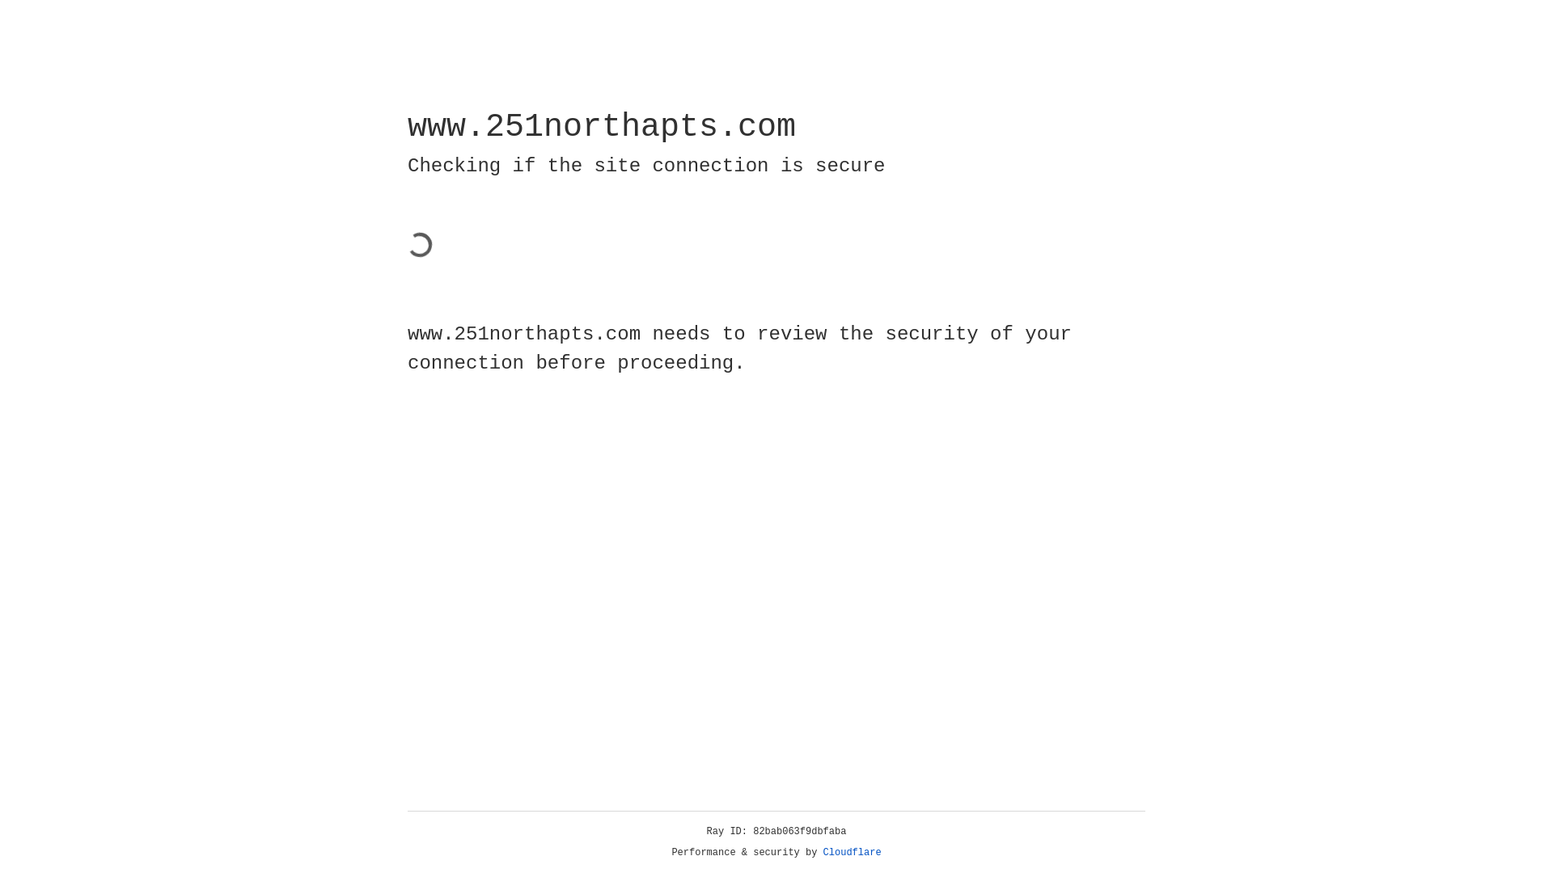 This screenshot has width=1553, height=873. Describe the element at coordinates (852, 852) in the screenshot. I see `'Cloudflare'` at that location.